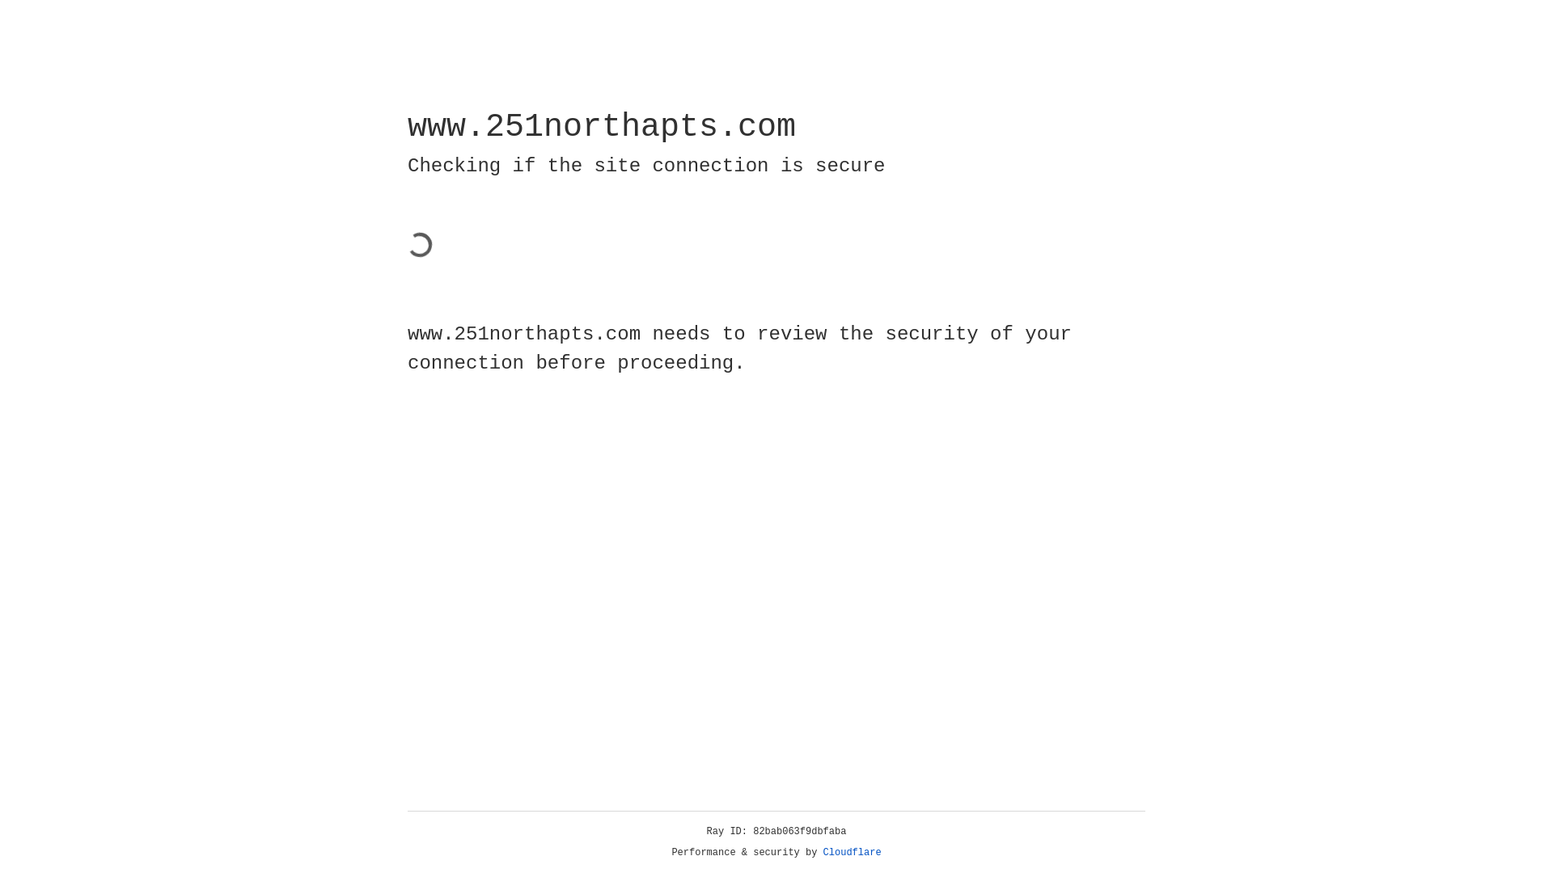 This screenshot has width=1553, height=873. Describe the element at coordinates (852, 852) in the screenshot. I see `'Cloudflare'` at that location.